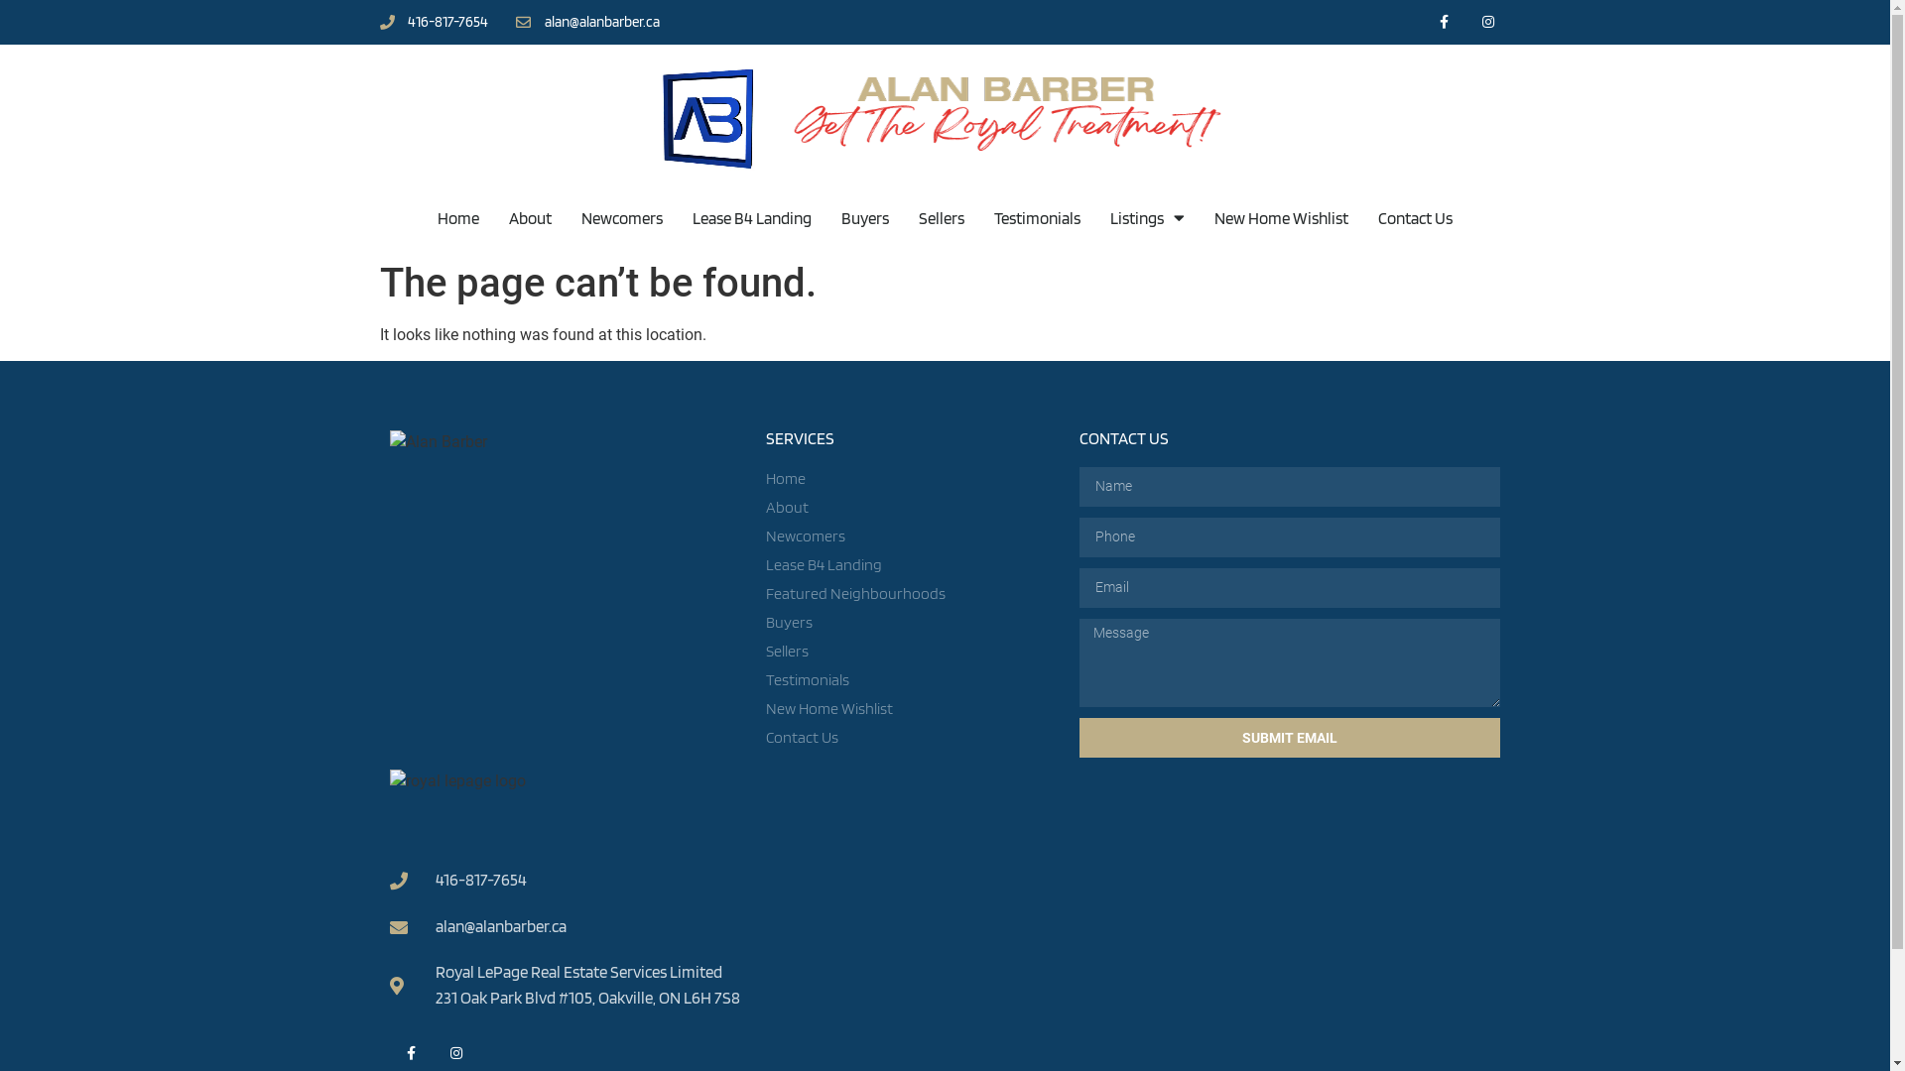 This screenshot has height=1071, width=1905. Describe the element at coordinates (389, 879) in the screenshot. I see `'416-817-7654'` at that location.